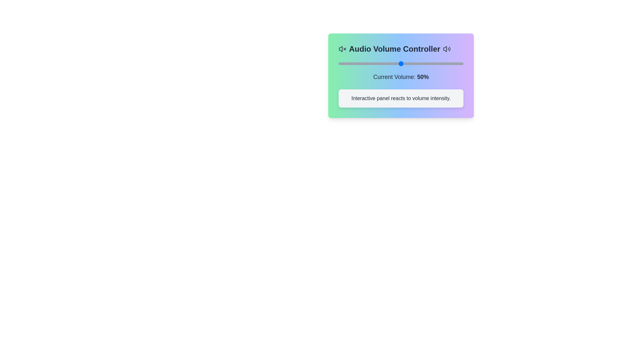 Image resolution: width=624 pixels, height=351 pixels. Describe the element at coordinates (444, 64) in the screenshot. I see `the volume slider to 85%` at that location.